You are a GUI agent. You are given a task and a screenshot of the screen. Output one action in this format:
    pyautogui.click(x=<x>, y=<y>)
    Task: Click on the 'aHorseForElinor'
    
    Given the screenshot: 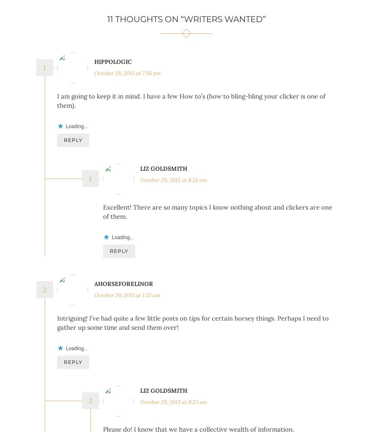 What is the action you would take?
    pyautogui.click(x=94, y=296)
    